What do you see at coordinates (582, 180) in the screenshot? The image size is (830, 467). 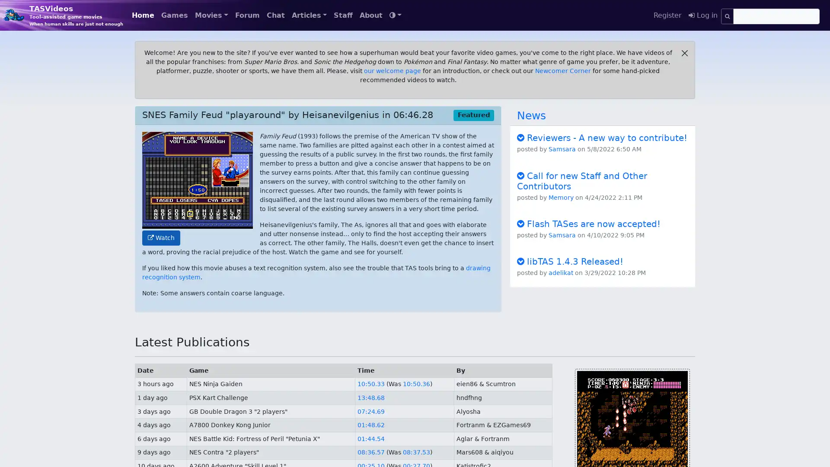 I see `Call for new Staff and Other Contributors` at bounding box center [582, 180].